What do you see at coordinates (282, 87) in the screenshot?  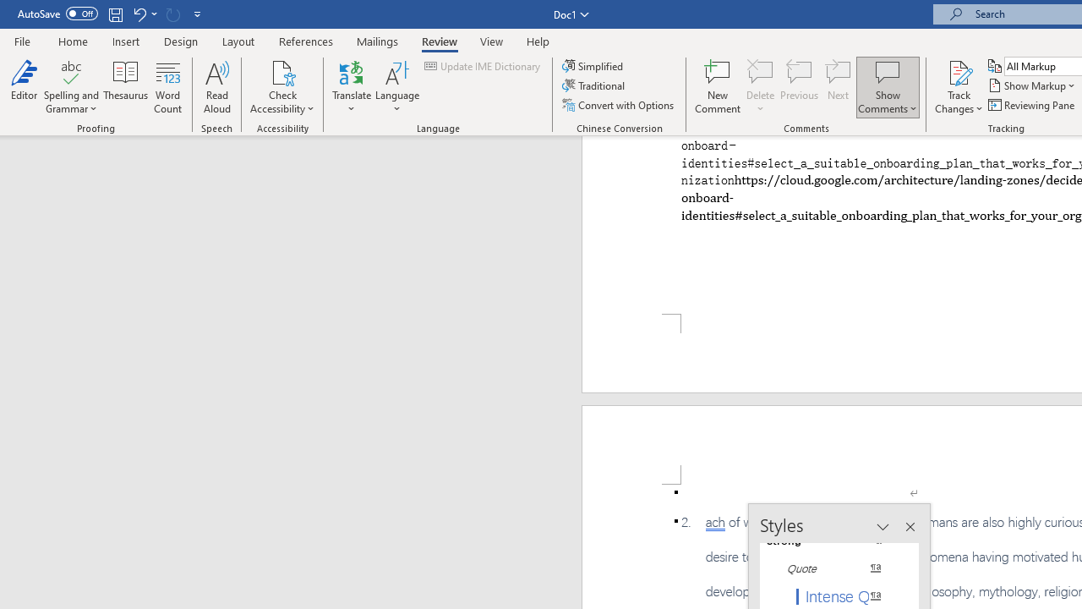 I see `'Check Accessibility'` at bounding box center [282, 87].